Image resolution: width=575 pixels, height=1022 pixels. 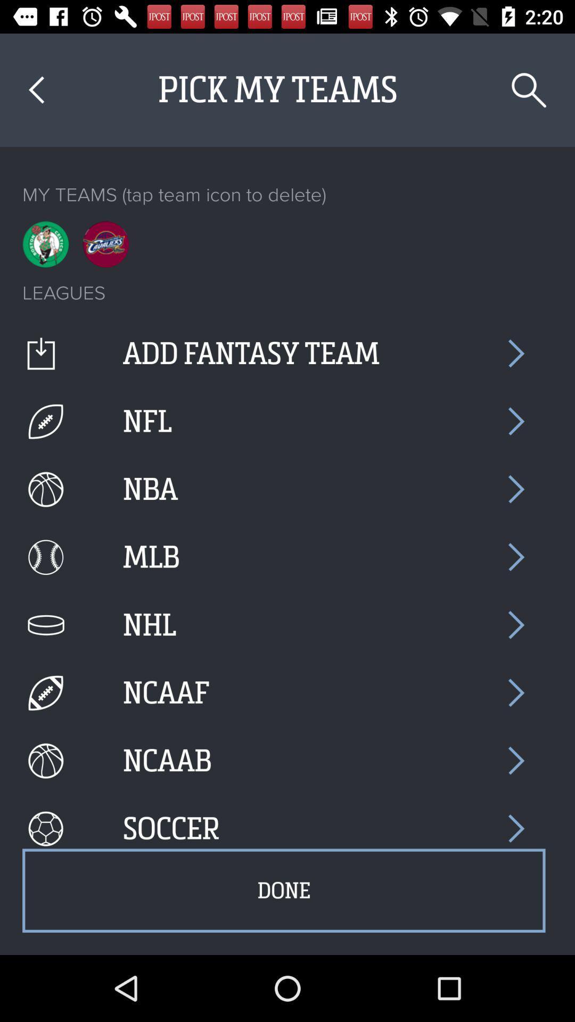 I want to click on item above my teams tap, so click(x=529, y=90).